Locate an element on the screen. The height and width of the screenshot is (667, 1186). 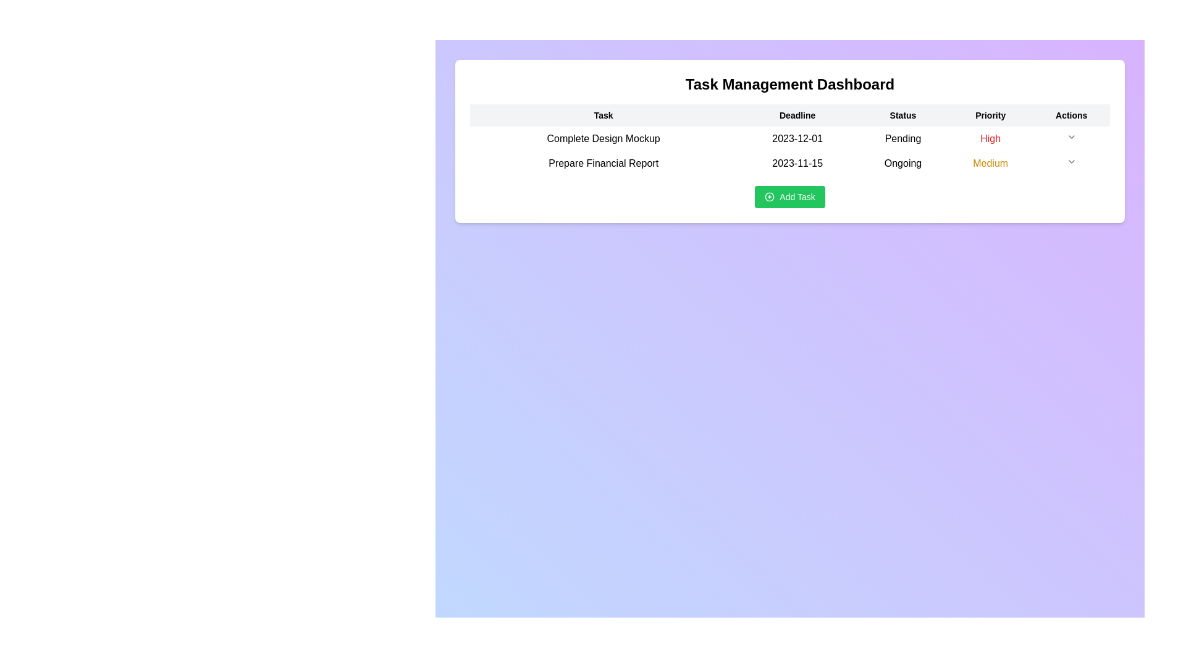
the down arrow of the Dropdown toggle icon in the 'Actions' column of the second row in the 'Task Management Dashboard' is located at coordinates (1070, 137).